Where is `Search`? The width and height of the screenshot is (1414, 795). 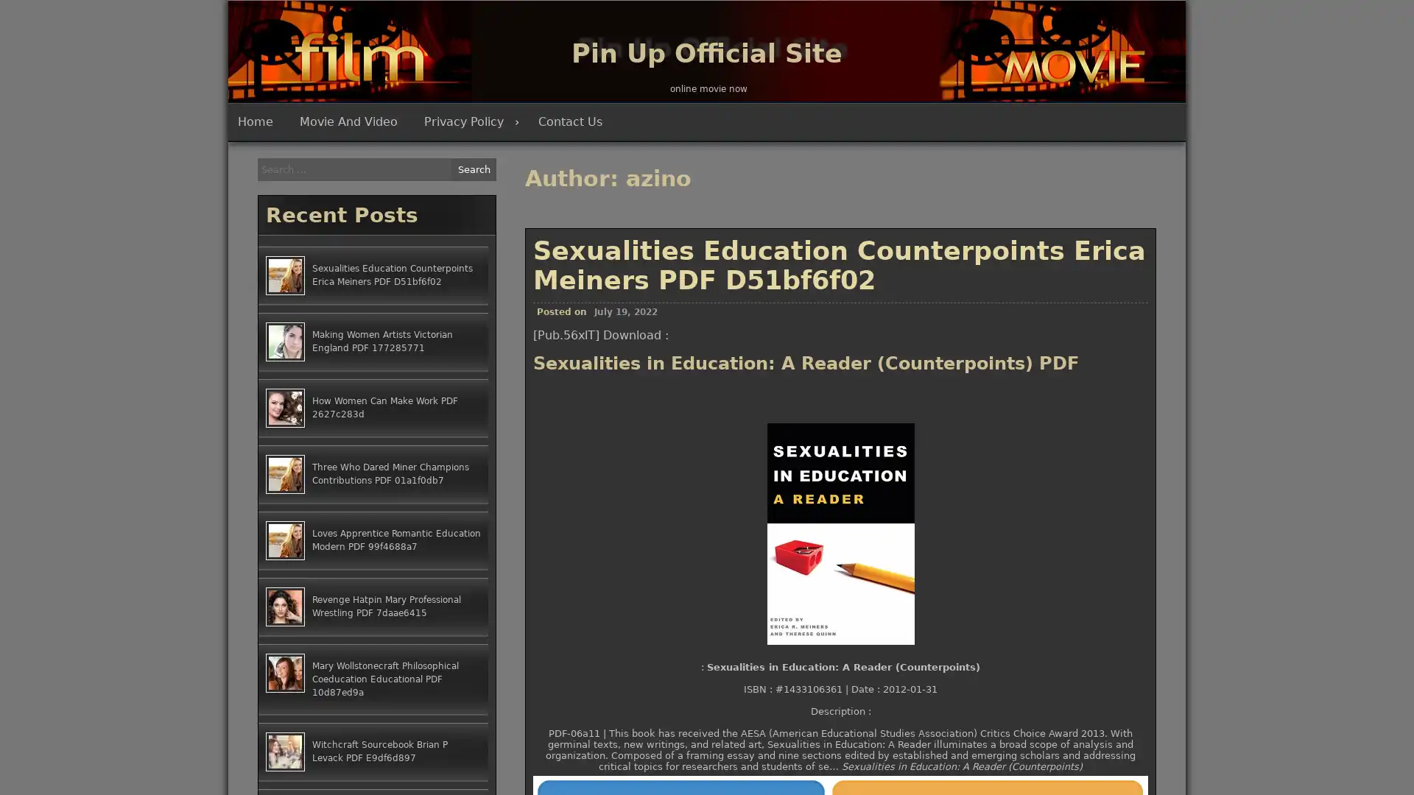
Search is located at coordinates (474, 169).